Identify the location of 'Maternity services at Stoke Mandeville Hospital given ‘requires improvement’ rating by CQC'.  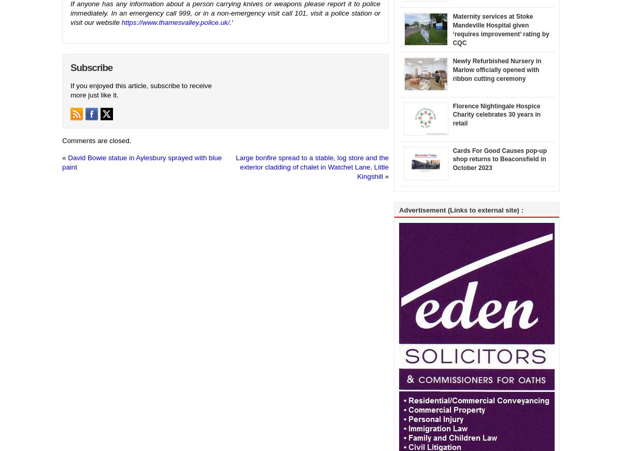
(452, 29).